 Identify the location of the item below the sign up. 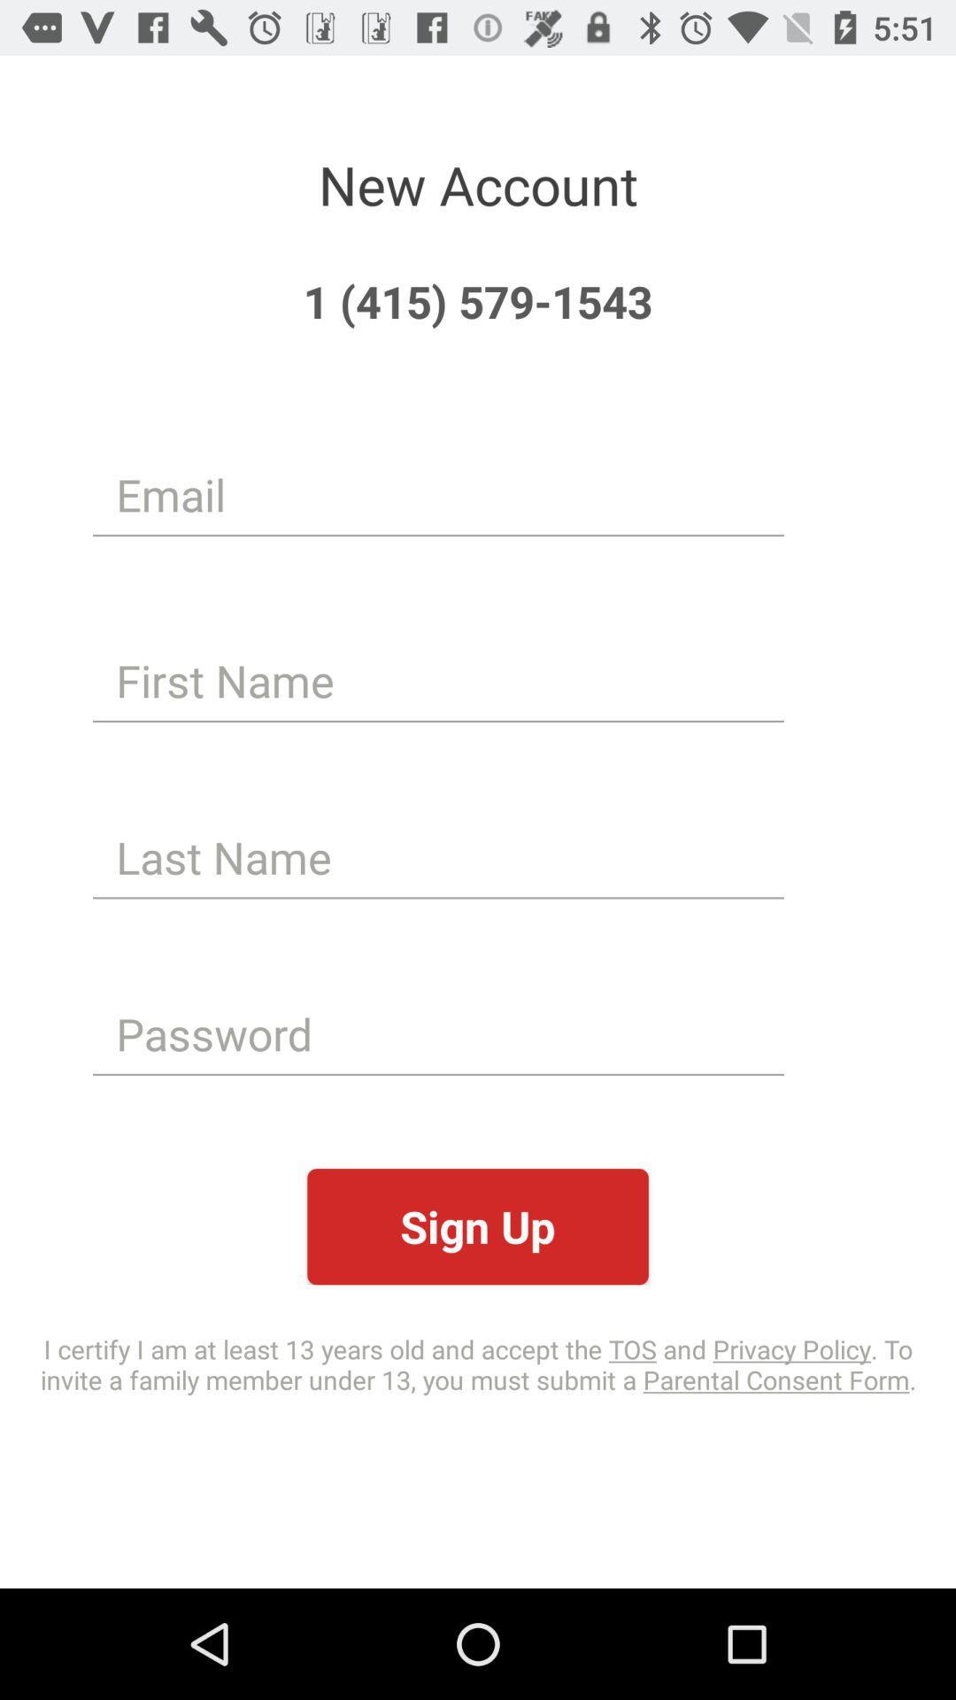
(478, 1363).